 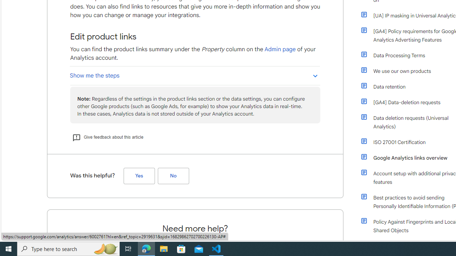 I want to click on 'Admin page', so click(x=280, y=49).